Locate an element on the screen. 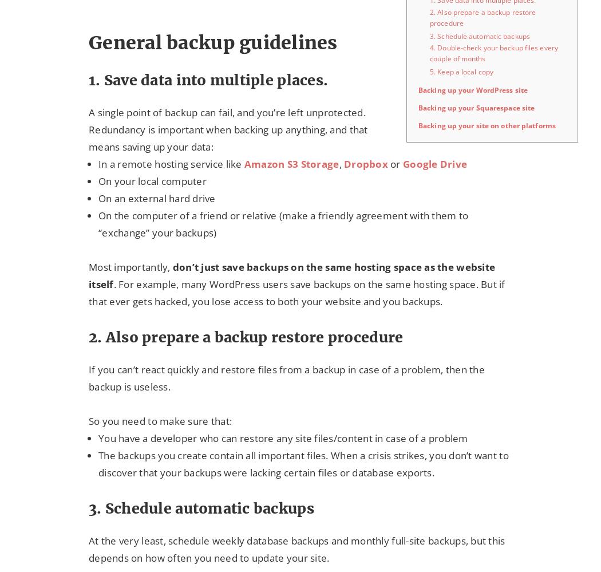 The width and height of the screenshot is (601, 572). 'Backing up your site on other platforms' is located at coordinates (487, 124).